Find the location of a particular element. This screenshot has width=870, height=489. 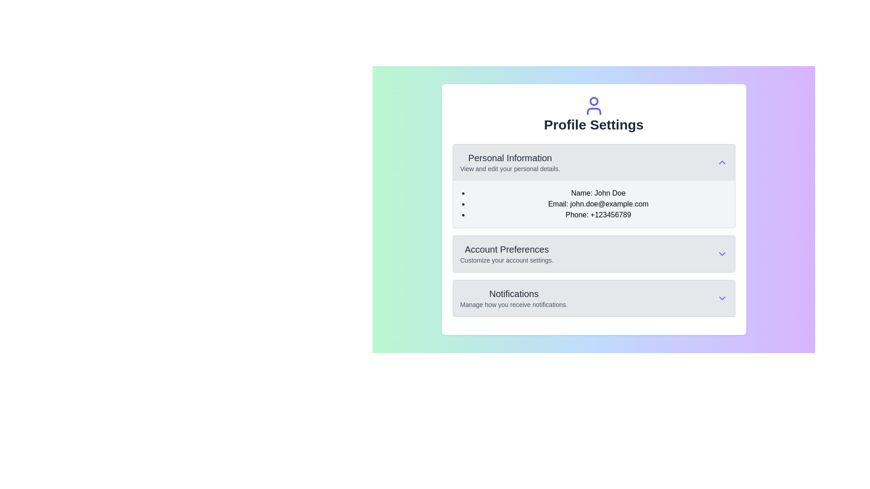

the 'Account Preferences' expandable list item is located at coordinates (594, 254).